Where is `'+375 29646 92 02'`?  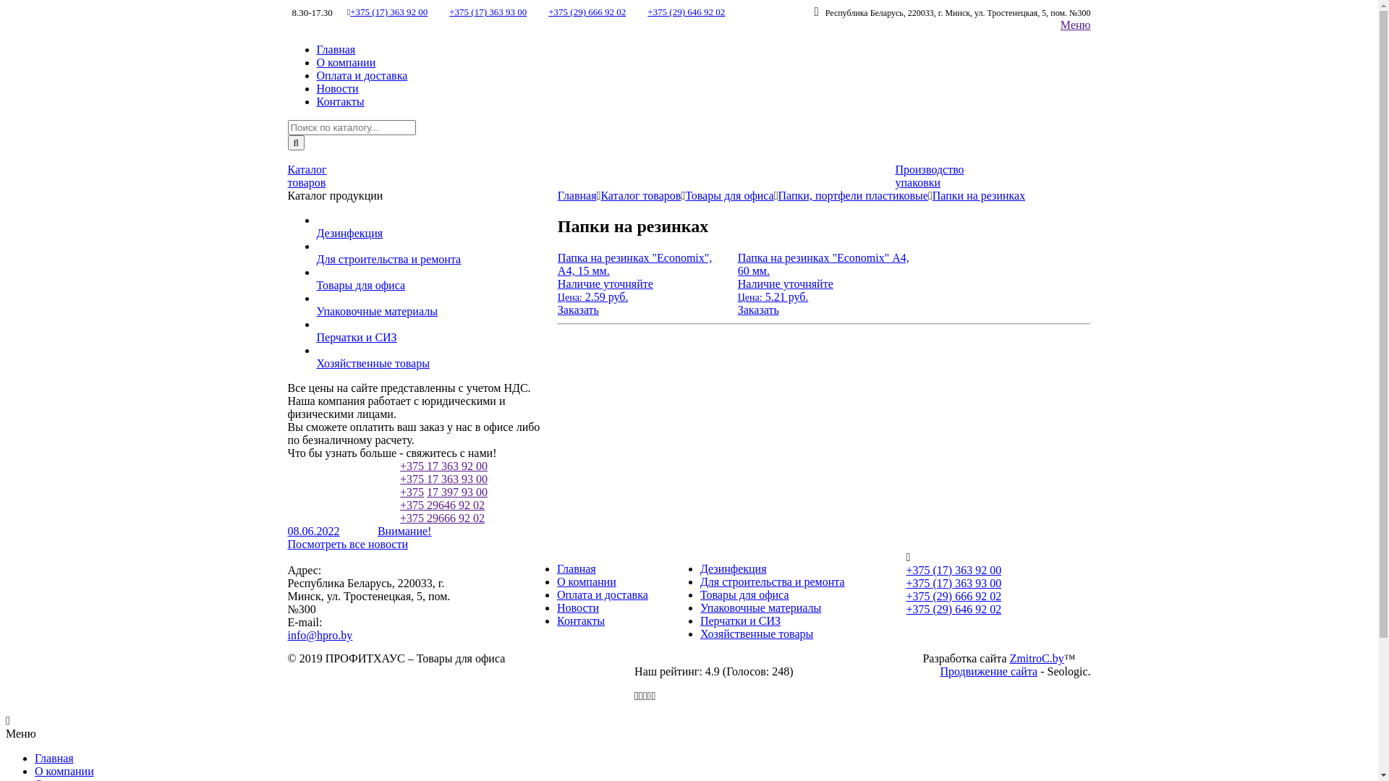
'+375 29646 92 02' is located at coordinates (441, 504).